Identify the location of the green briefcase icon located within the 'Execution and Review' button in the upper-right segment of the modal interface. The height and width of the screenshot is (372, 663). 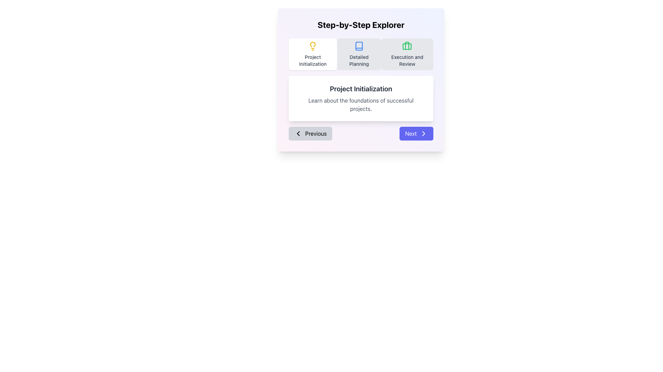
(407, 46).